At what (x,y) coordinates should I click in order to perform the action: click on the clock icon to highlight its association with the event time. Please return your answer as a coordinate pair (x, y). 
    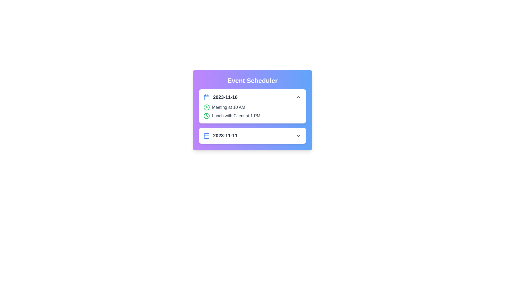
    Looking at the image, I should click on (206, 107).